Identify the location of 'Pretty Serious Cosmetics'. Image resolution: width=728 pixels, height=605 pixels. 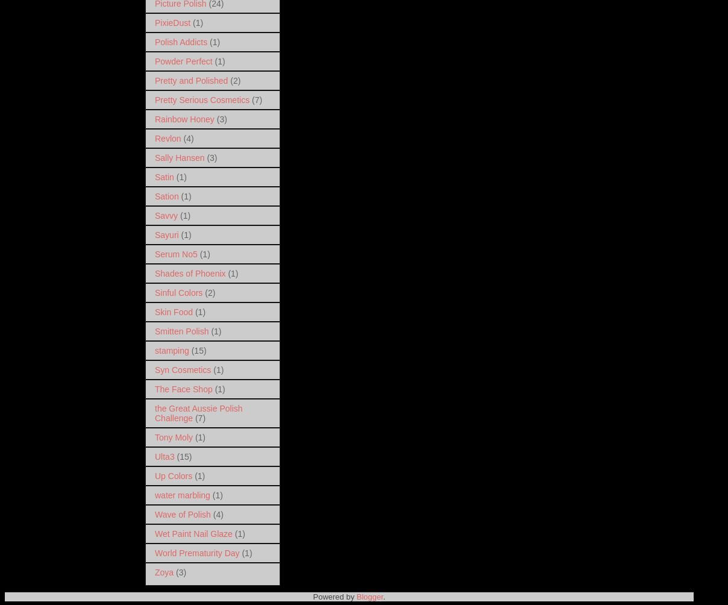
(201, 98).